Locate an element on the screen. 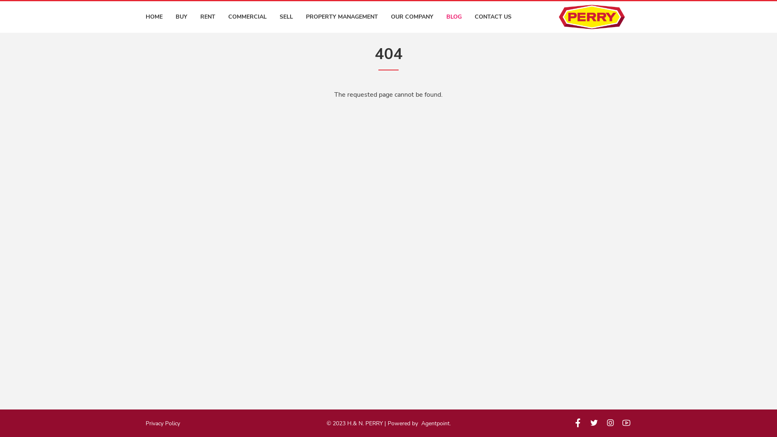 The image size is (777, 437). 'BLOG' is located at coordinates (454, 17).